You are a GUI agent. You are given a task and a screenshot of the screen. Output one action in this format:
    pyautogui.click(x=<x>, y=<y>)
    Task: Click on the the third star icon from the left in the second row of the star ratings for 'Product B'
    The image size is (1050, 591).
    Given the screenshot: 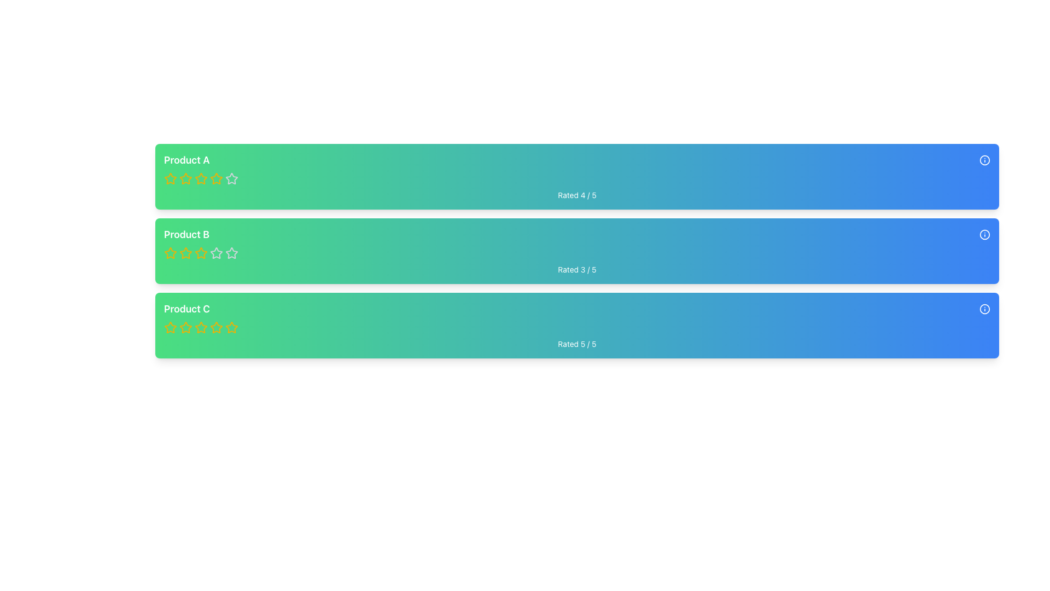 What is the action you would take?
    pyautogui.click(x=231, y=253)
    